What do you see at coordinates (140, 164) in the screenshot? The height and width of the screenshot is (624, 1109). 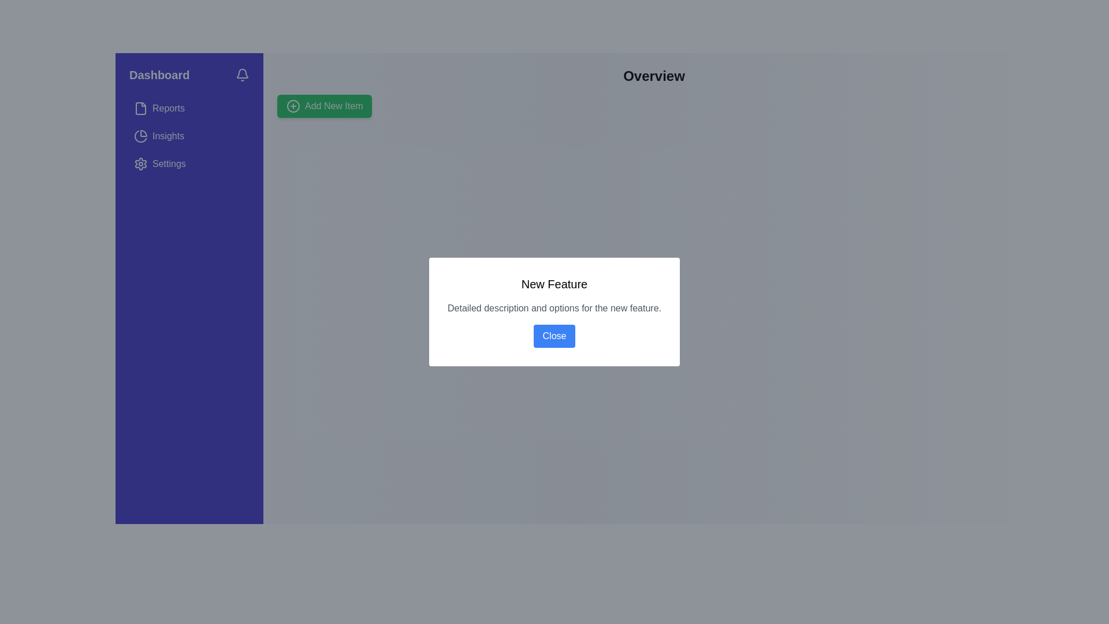 I see `the settings menu icon located in the vertical navigation bar, which is positioned third under 'Reports' and 'Insights', adjacent to the 'Settings' label` at bounding box center [140, 164].